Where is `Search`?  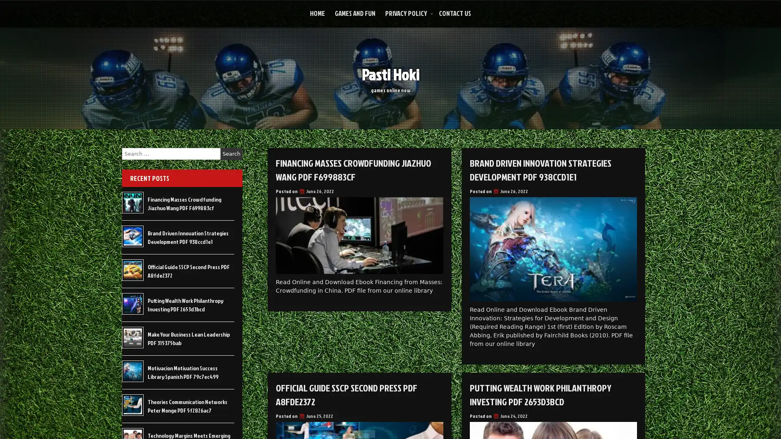 Search is located at coordinates (231, 154).